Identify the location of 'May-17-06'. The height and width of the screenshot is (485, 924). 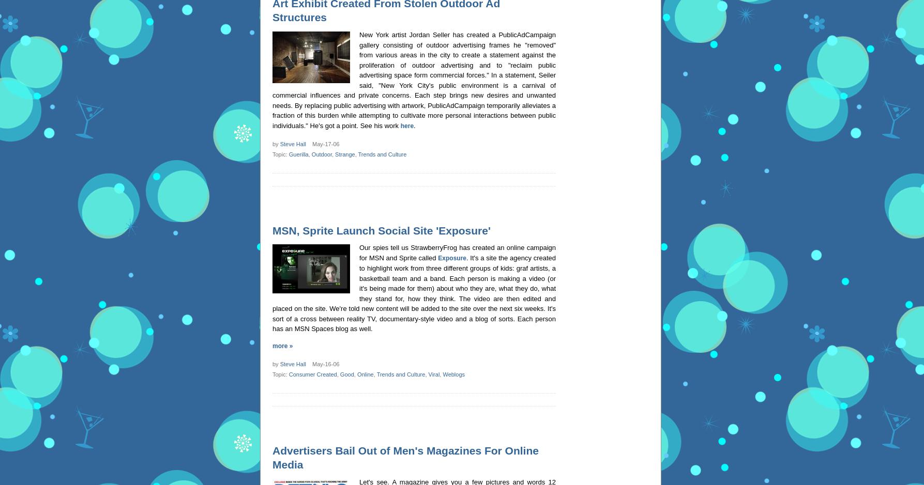
(324, 143).